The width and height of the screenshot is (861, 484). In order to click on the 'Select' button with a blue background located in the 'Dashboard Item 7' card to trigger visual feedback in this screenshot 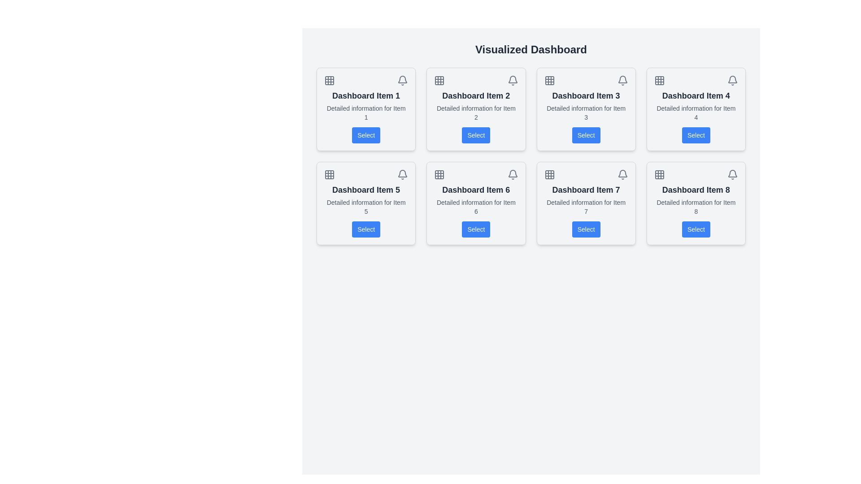, I will do `click(586, 229)`.